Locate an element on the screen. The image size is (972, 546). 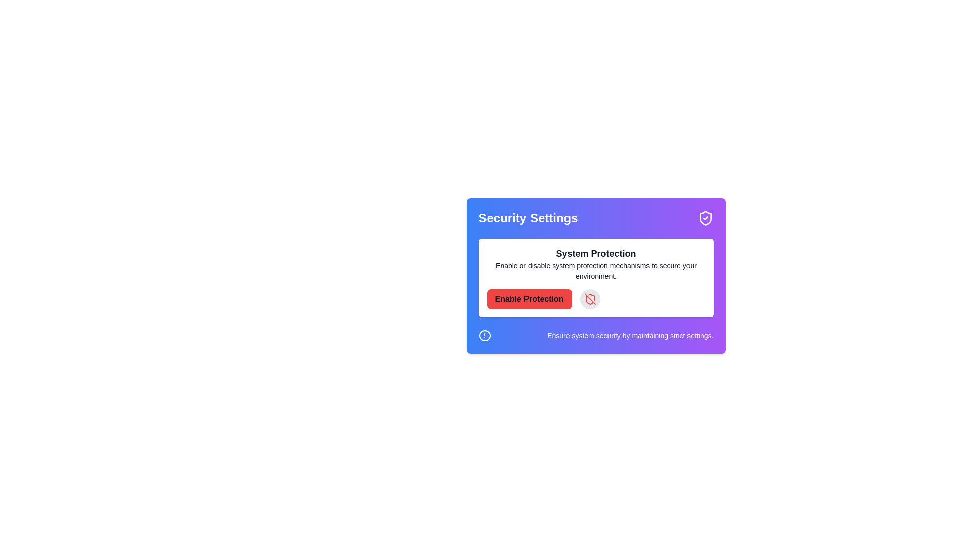
the circular icon located at the lower-left corner of the 'Security Settings' panel to interact with the alert or status indicator is located at coordinates (484, 335).